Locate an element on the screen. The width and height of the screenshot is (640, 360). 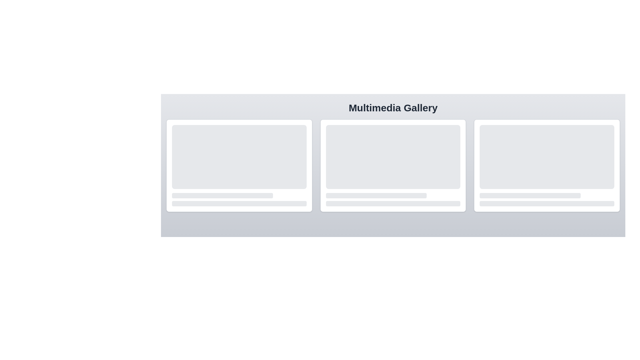
the visual placeholder, which is a rectangular area with rounded corners and a light gray background that indicates loading elements is located at coordinates (239, 157).